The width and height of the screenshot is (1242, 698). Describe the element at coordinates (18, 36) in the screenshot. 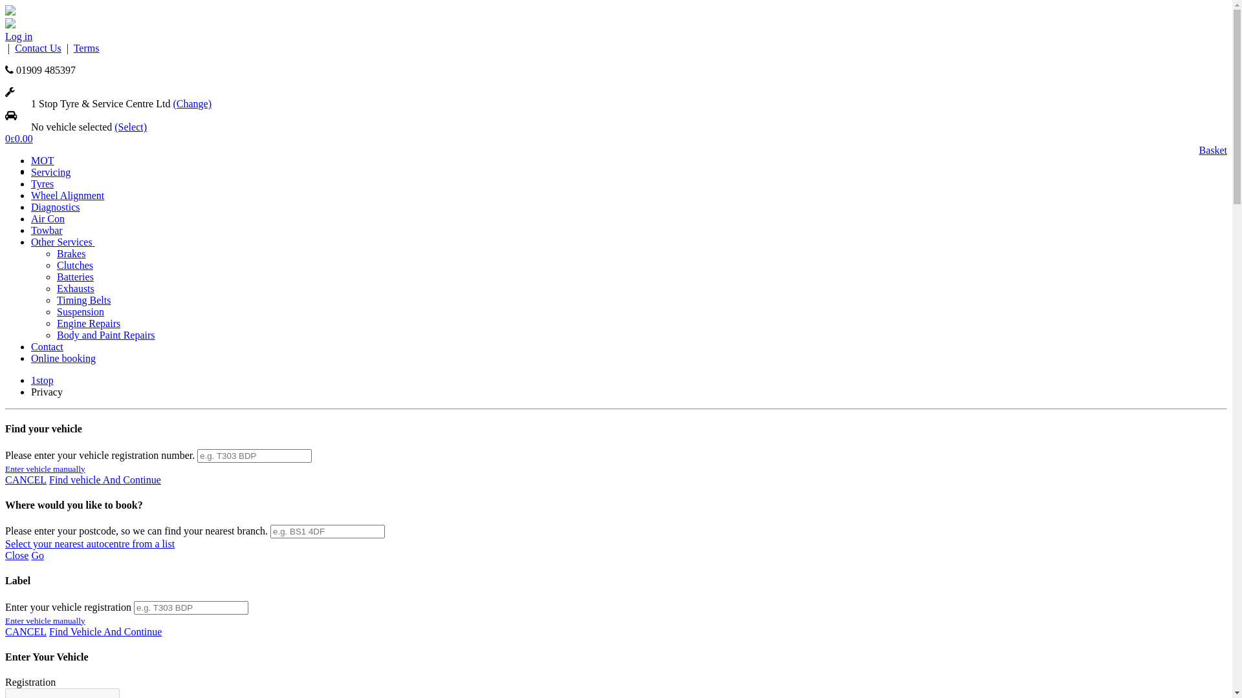

I see `'Log in'` at that location.